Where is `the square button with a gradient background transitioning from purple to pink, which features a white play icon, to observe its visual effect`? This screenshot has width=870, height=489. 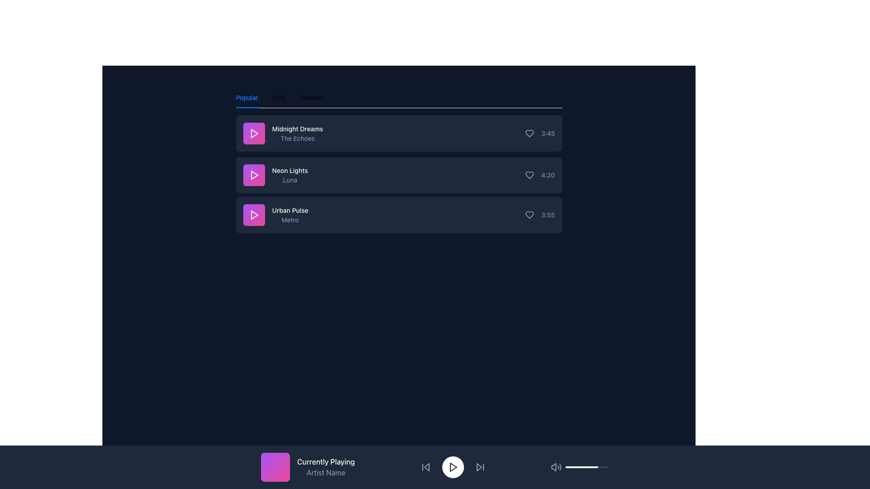 the square button with a gradient background transitioning from purple to pink, which features a white play icon, to observe its visual effect is located at coordinates (254, 215).